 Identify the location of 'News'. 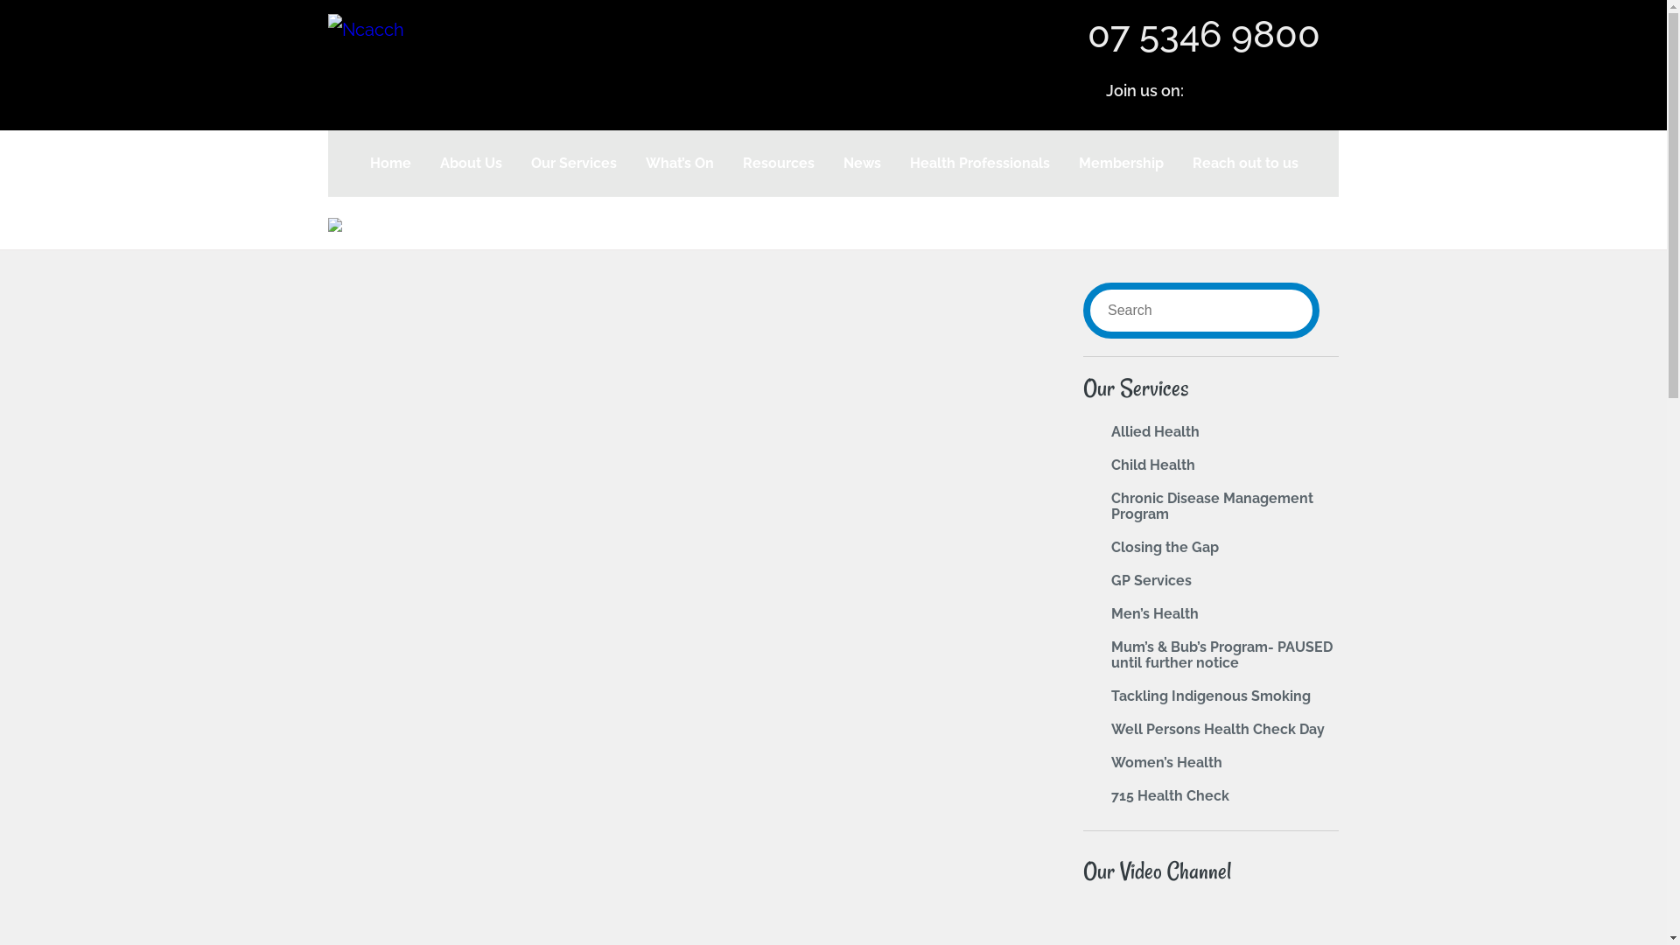
(860, 163).